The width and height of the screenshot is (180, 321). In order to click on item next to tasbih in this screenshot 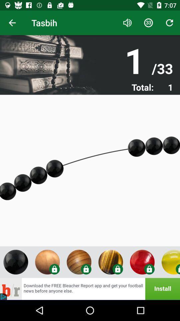, I will do `click(12, 23)`.